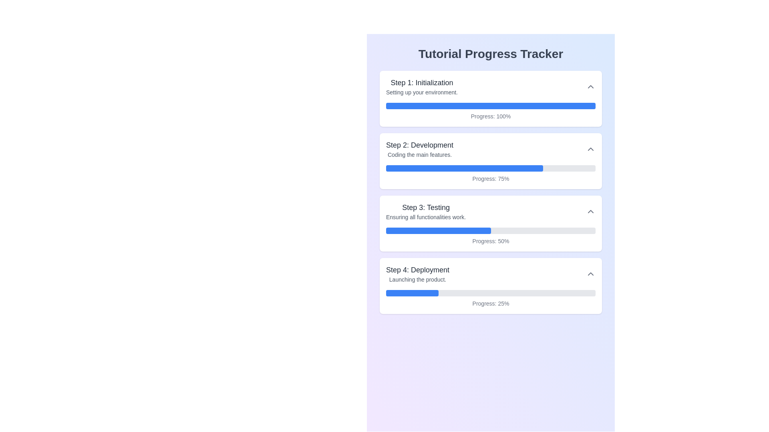  I want to click on the title and description text block for the fourth step in the tutorial progress tracker, located at the top-left within the fourth progress card, positioned below the 'Step 3: Testing' card, so click(417, 274).